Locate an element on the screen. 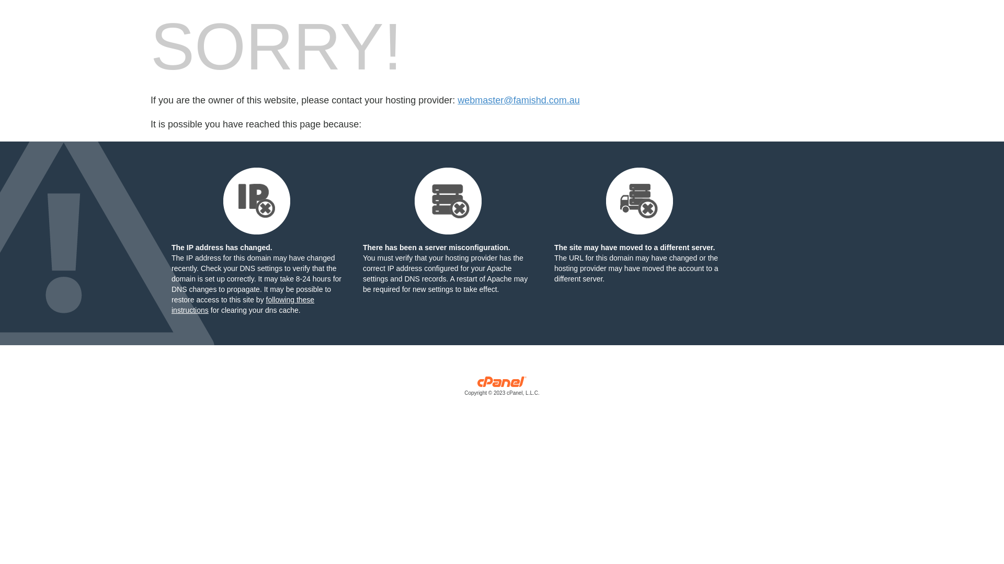  'webmaster@famishd.com.au' is located at coordinates (457, 100).